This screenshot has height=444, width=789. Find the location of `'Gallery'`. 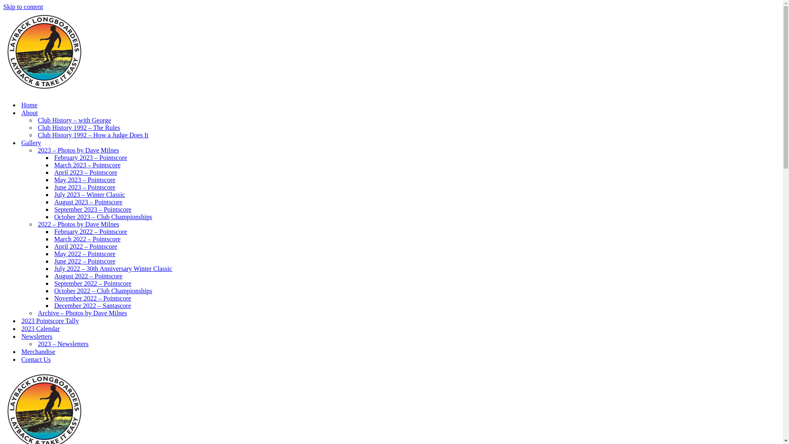

'Gallery' is located at coordinates (31, 142).